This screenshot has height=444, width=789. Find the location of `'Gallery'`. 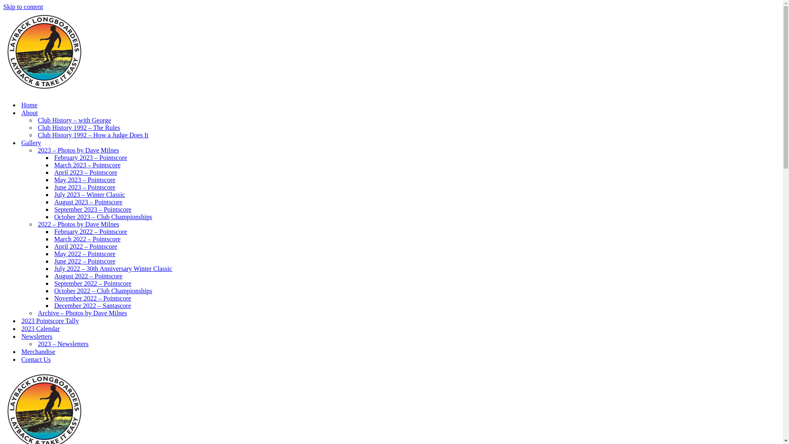

'Gallery' is located at coordinates (31, 142).